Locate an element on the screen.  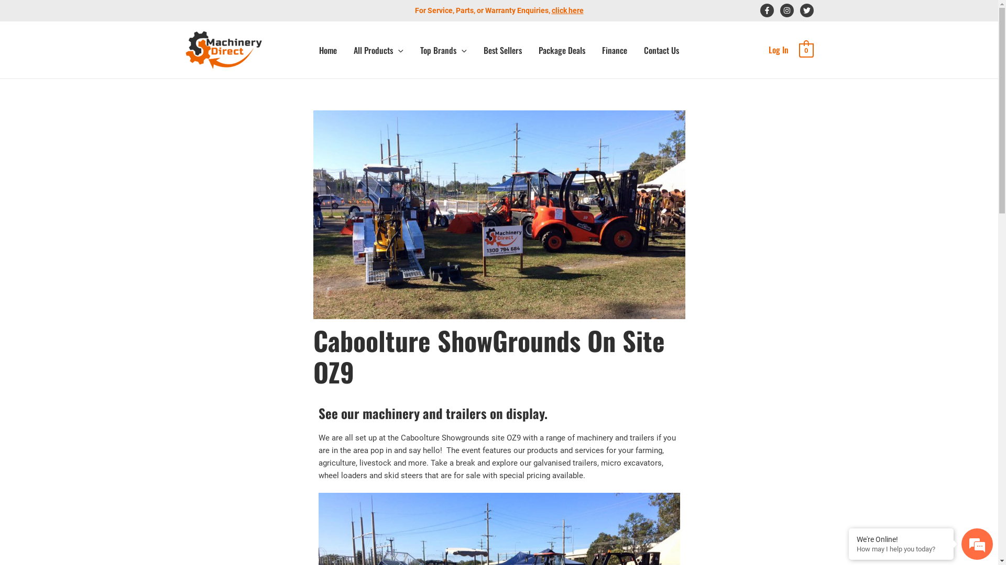
'0' is located at coordinates (799, 50).